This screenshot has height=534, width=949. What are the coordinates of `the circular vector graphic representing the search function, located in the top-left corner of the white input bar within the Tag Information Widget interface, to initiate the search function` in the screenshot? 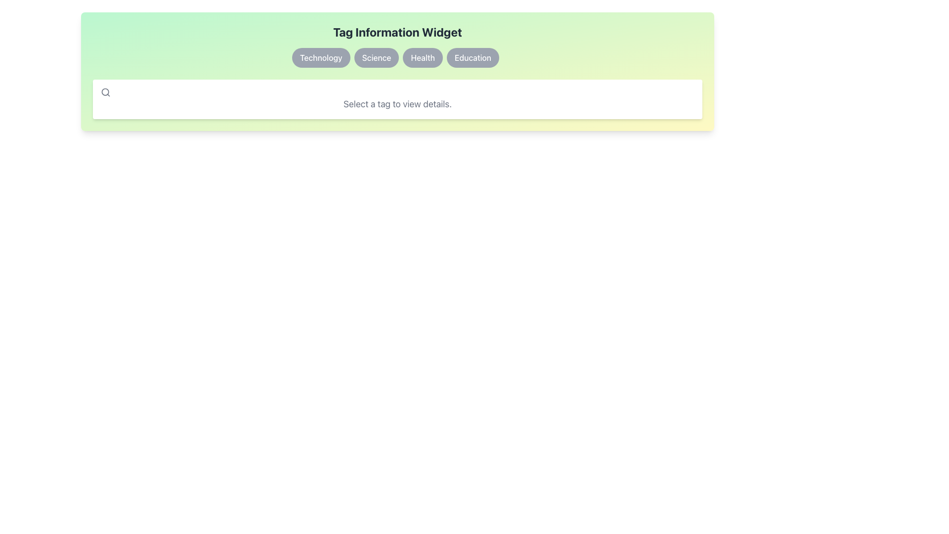 It's located at (105, 92).